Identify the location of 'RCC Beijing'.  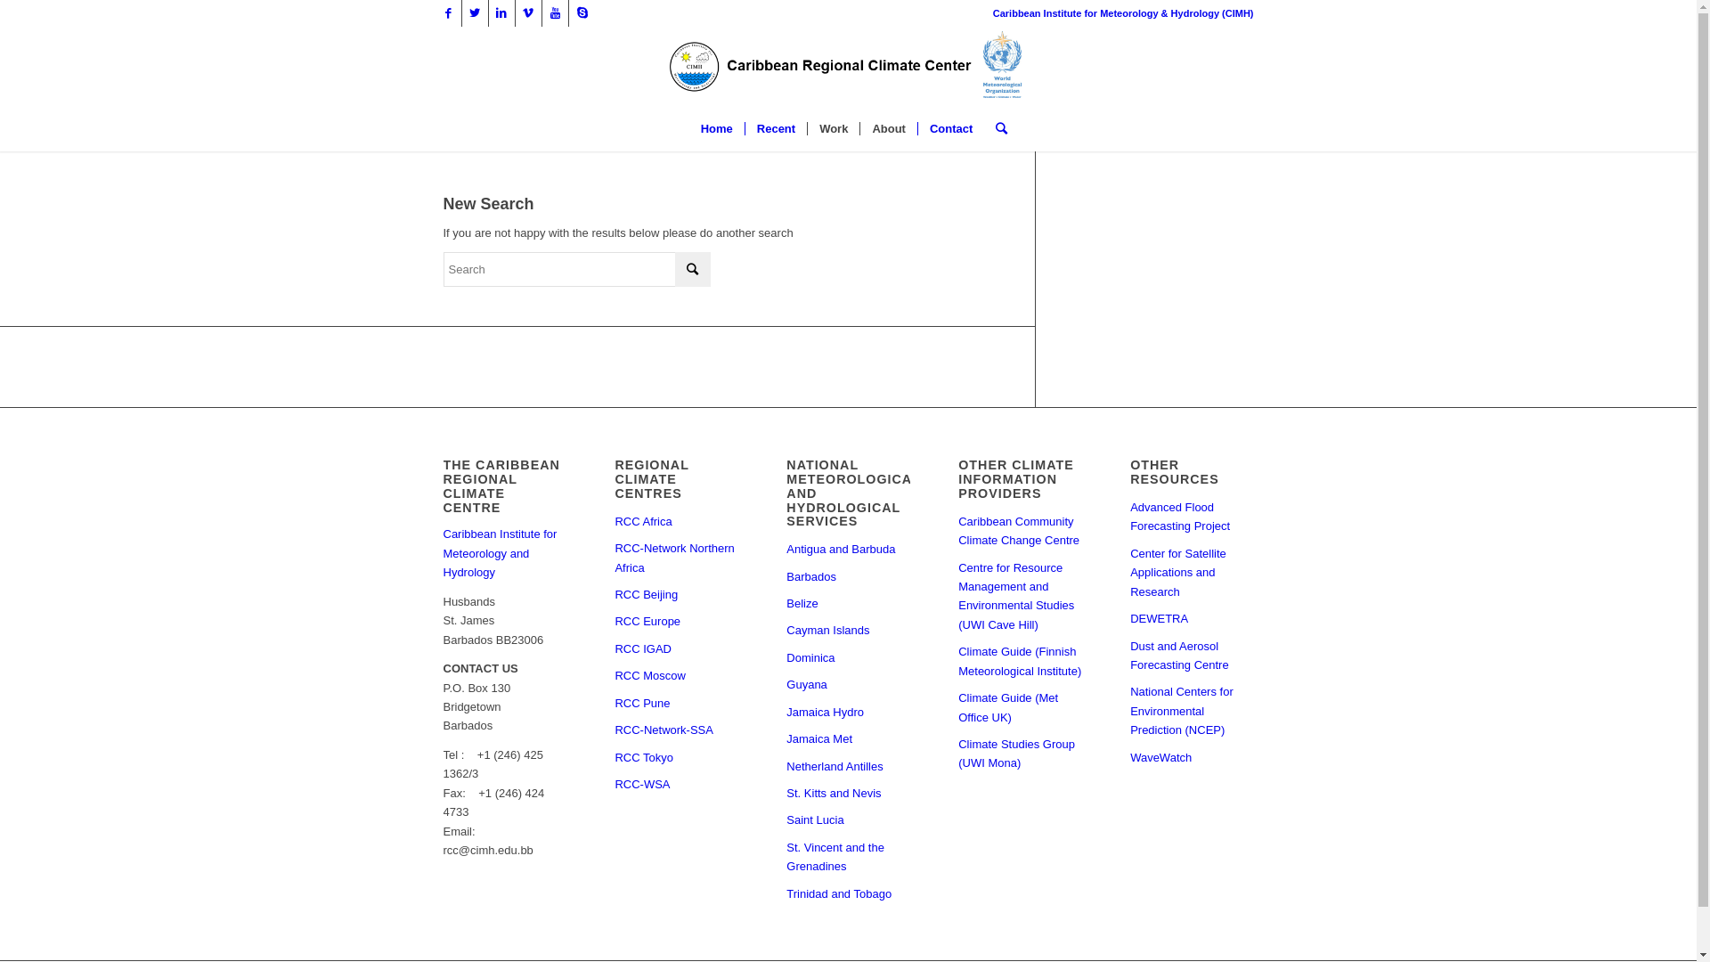
(615, 594).